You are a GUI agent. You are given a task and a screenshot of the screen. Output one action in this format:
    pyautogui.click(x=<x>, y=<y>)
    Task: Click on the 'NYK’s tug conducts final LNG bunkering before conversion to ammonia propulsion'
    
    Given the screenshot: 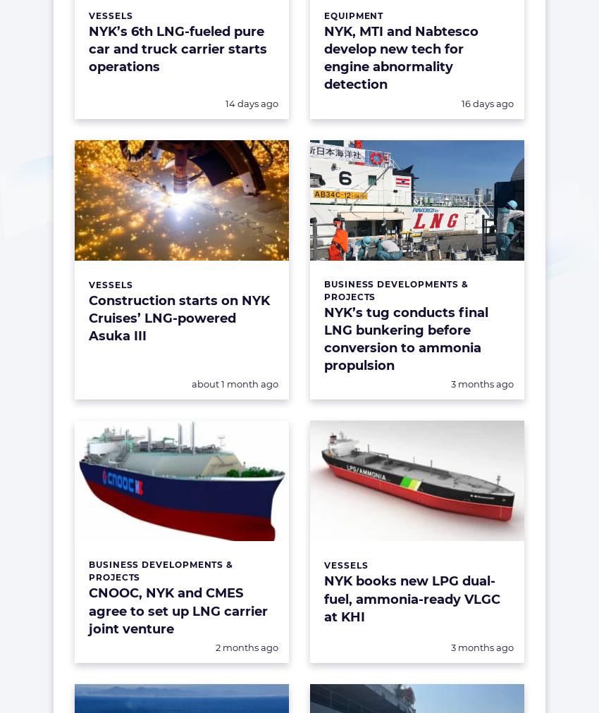 What is the action you would take?
    pyautogui.click(x=323, y=339)
    